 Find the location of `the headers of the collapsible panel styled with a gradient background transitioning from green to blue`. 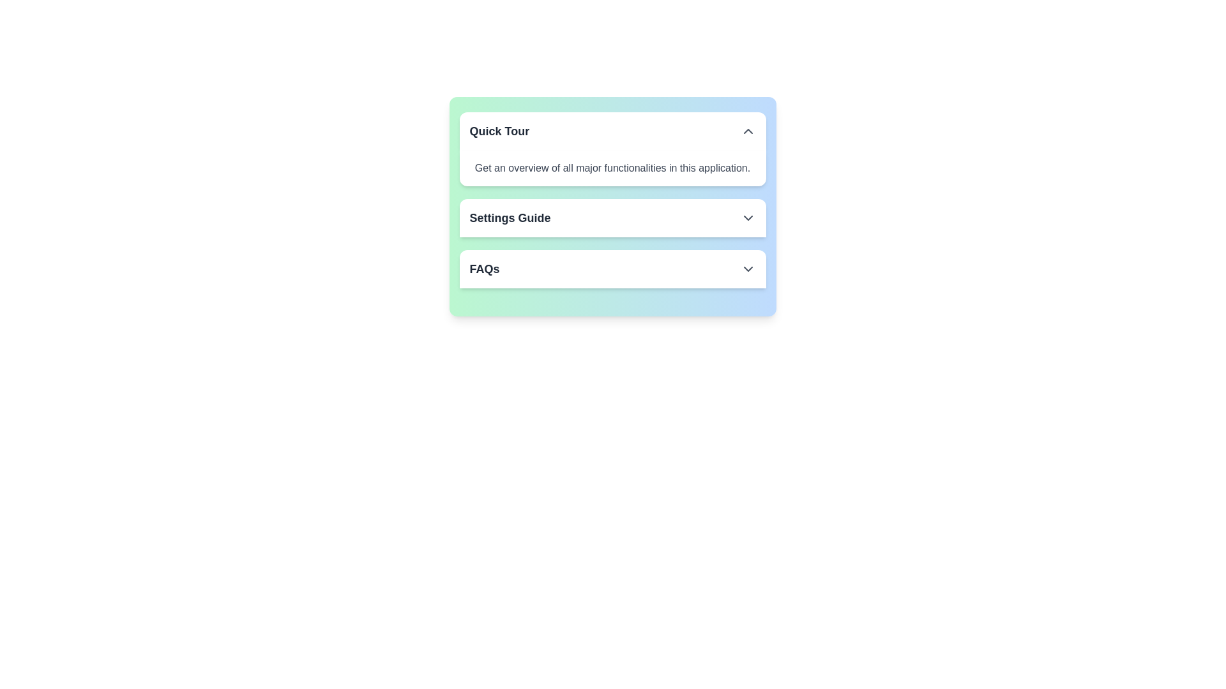

the headers of the collapsible panel styled with a gradient background transitioning from green to blue is located at coordinates (612, 206).